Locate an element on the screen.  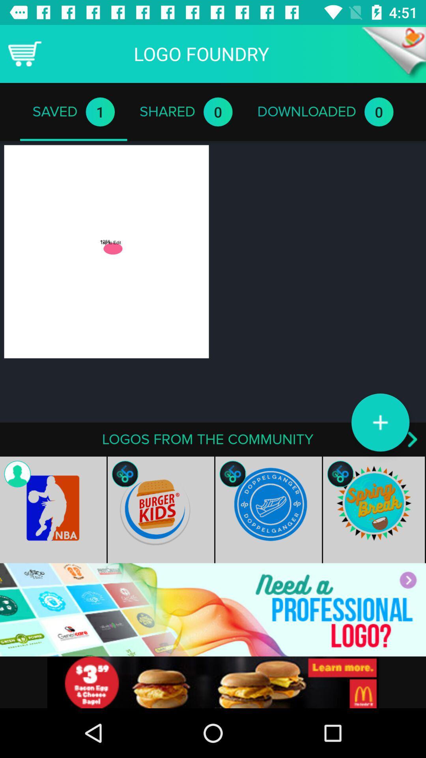
shopping card is located at coordinates (24, 53).